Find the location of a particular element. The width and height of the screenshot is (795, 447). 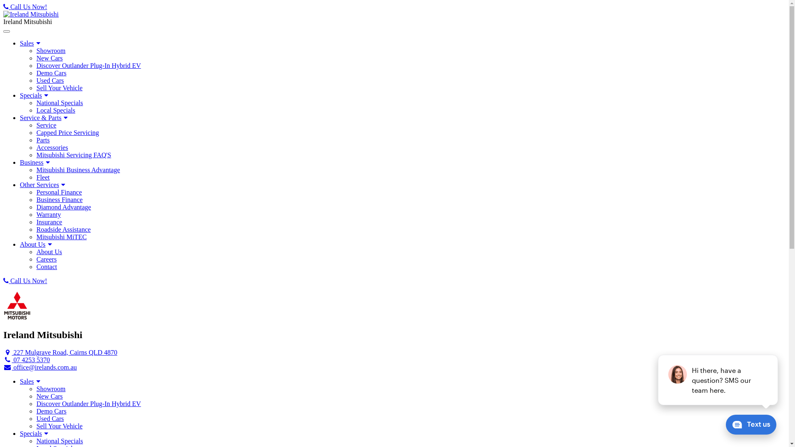

'Business' is located at coordinates (20, 162).